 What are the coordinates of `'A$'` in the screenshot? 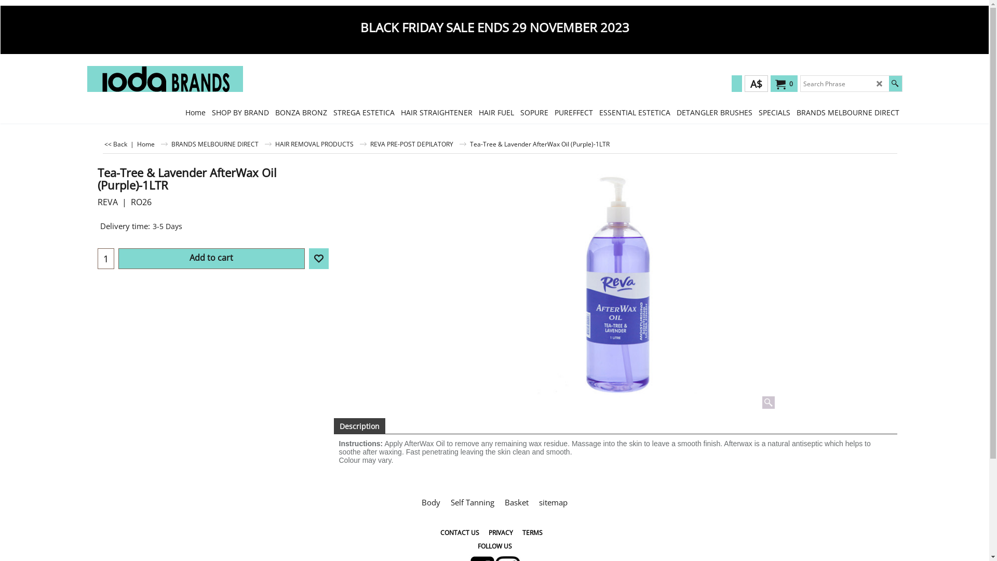 It's located at (756, 83).